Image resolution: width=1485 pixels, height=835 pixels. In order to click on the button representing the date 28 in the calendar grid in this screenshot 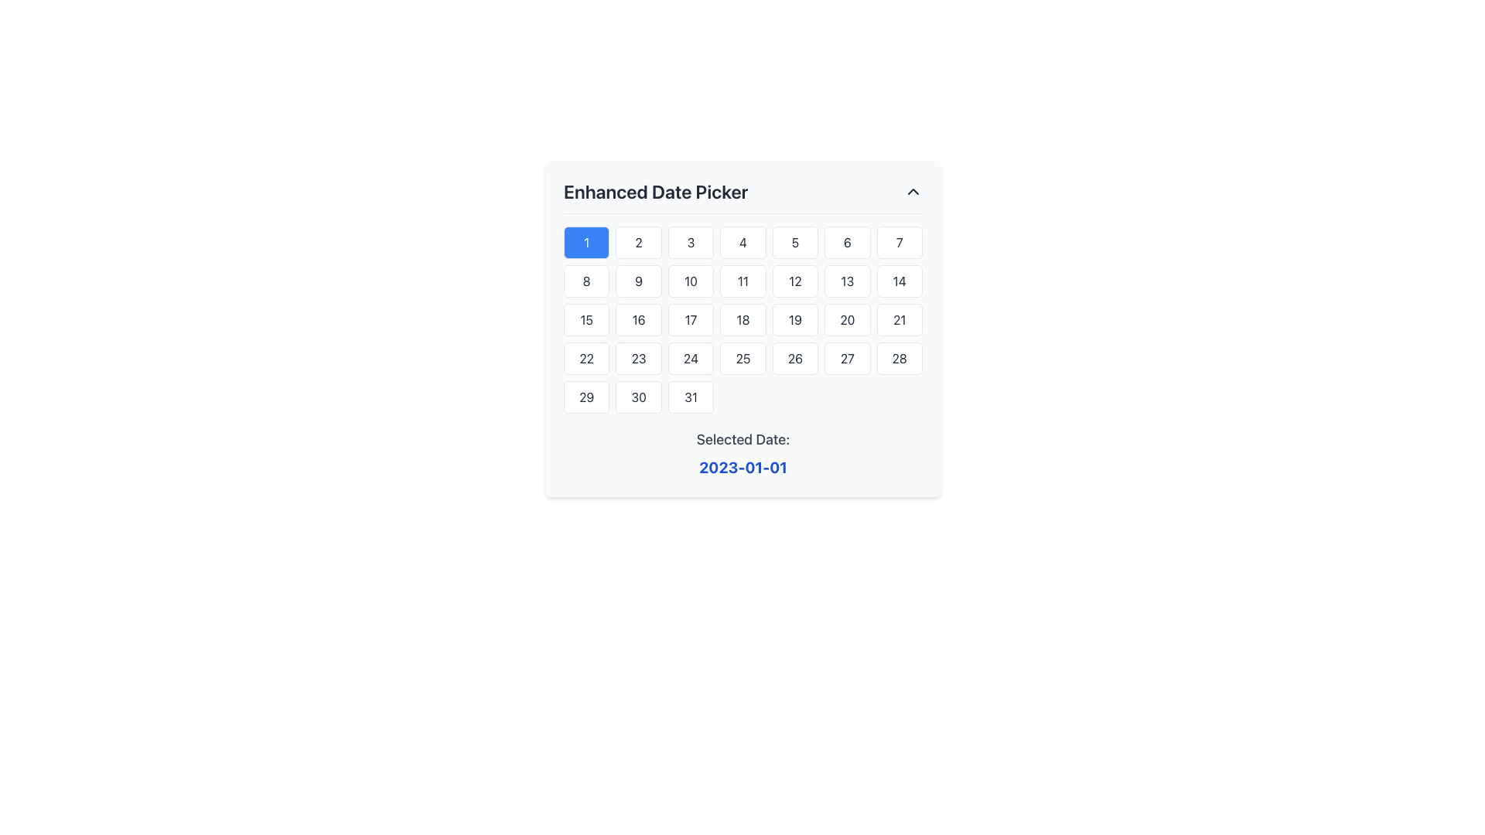, I will do `click(900, 358)`.